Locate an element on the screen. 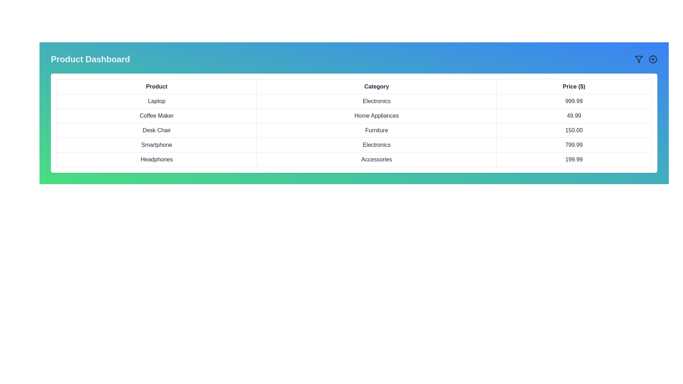 This screenshot has width=683, height=384. text content of the table cell displaying the category 'Electronics' for the product 'Smartphone', which is located in the second column of the row below the header is located at coordinates (376, 145).